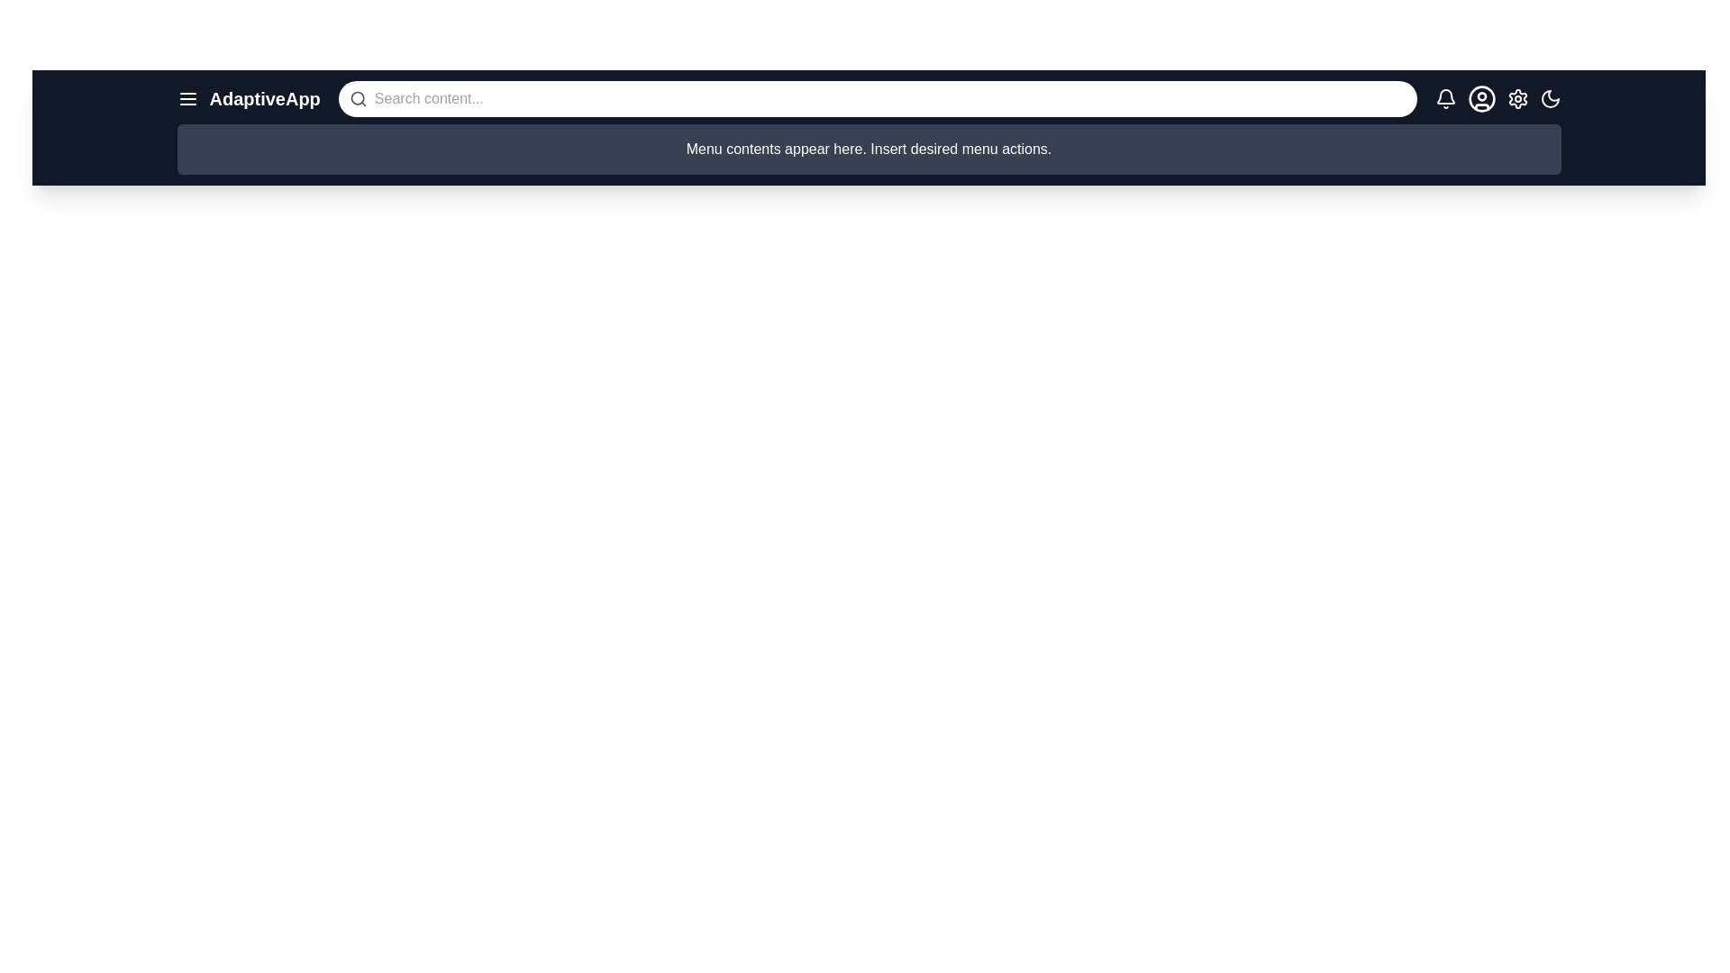 This screenshot has width=1730, height=973. I want to click on the user profile icon, so click(1481, 99).